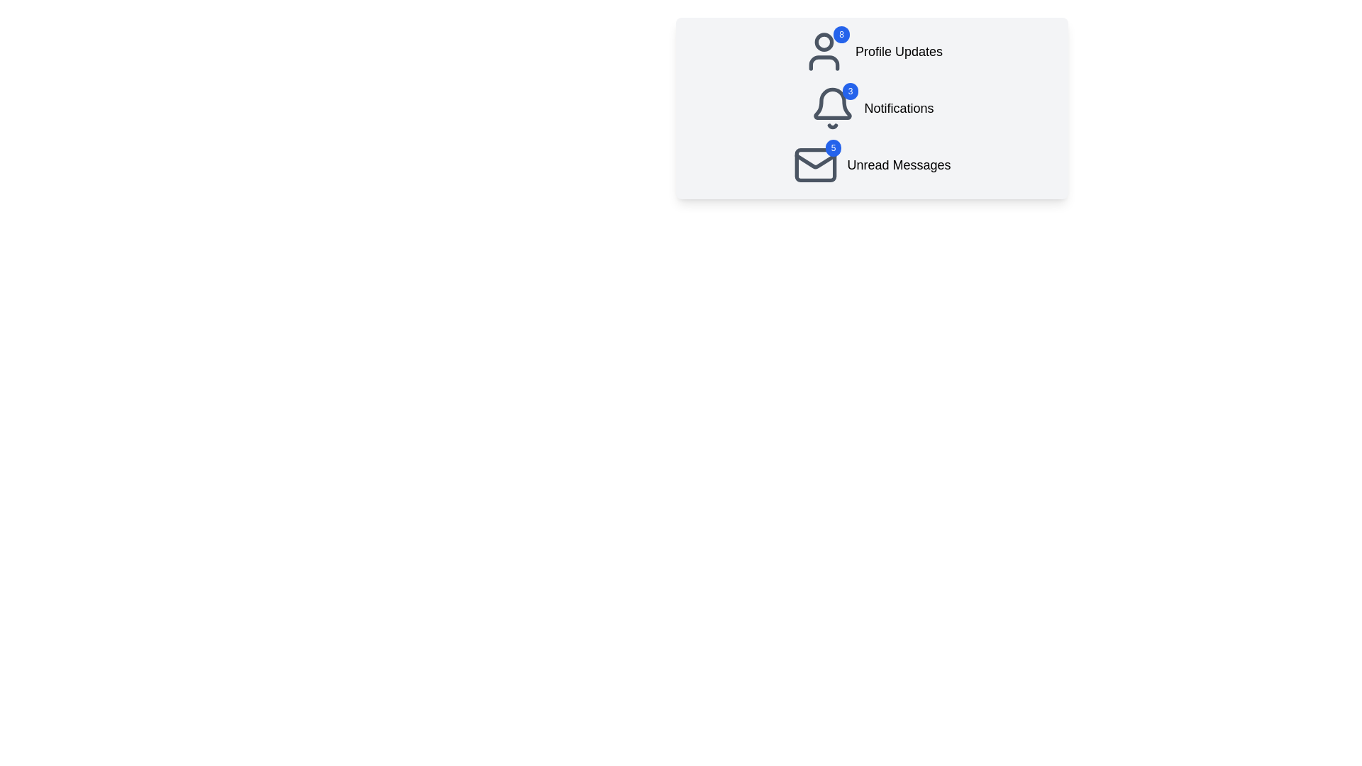  Describe the element at coordinates (898, 51) in the screenshot. I see `the 'Profile Updates' text label, which is a medium-sized, bold font element in black color on a light background, positioned to the right of an icon with a badge` at that location.